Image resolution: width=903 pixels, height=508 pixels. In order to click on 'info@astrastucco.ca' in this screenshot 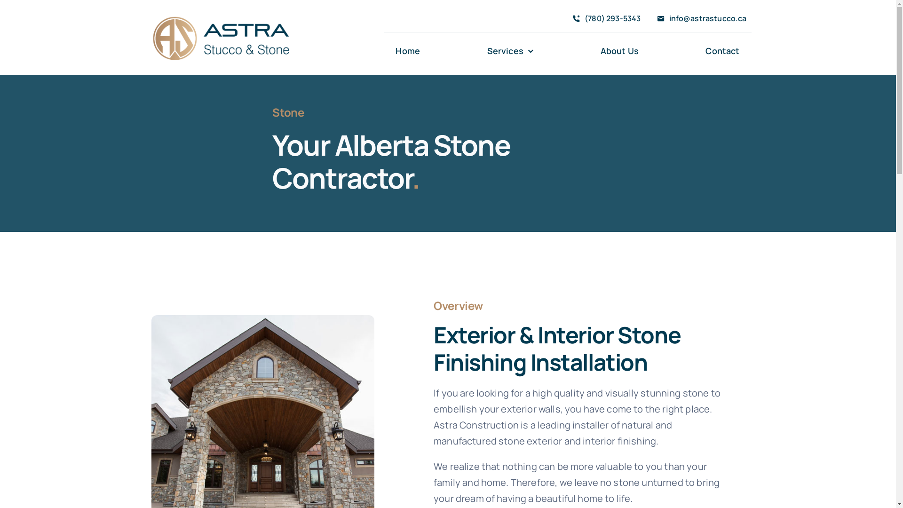, I will do `click(699, 19)`.